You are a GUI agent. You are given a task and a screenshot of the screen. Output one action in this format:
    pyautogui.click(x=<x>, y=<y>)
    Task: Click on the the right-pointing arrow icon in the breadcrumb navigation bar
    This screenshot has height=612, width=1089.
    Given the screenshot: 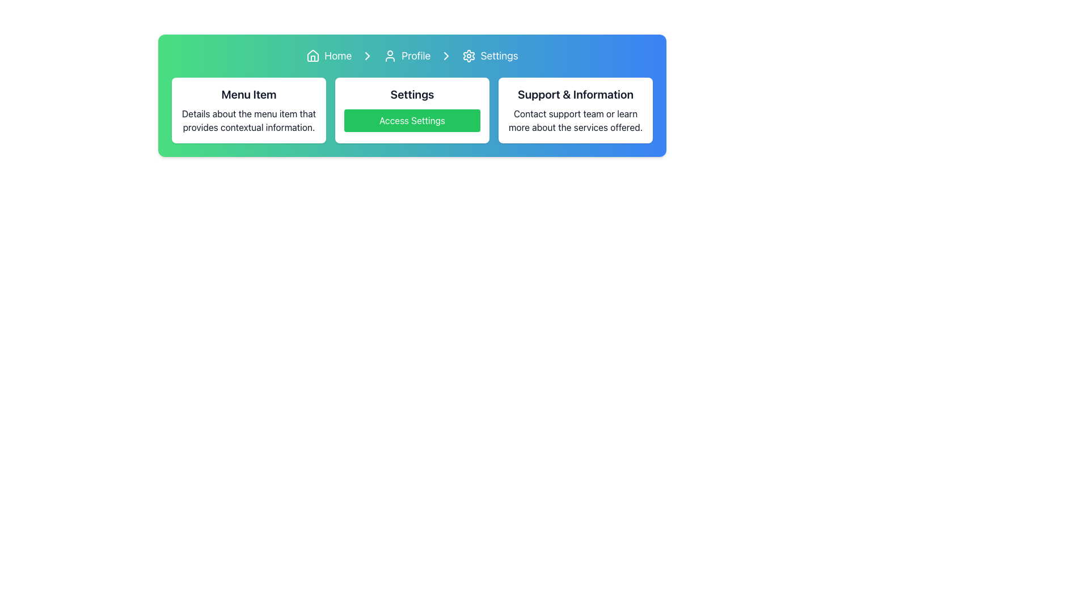 What is the action you would take?
    pyautogui.click(x=446, y=56)
    